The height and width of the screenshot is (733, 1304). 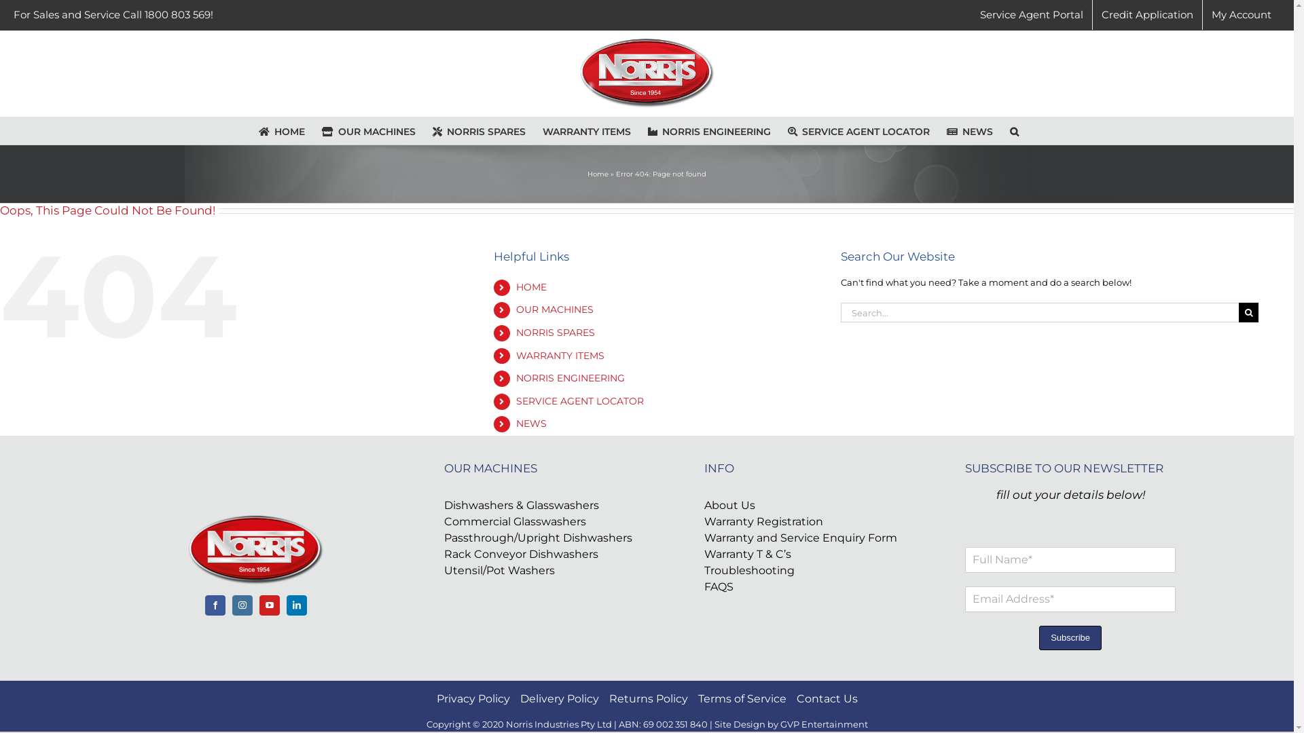 I want to click on 'About Us', so click(x=704, y=505).